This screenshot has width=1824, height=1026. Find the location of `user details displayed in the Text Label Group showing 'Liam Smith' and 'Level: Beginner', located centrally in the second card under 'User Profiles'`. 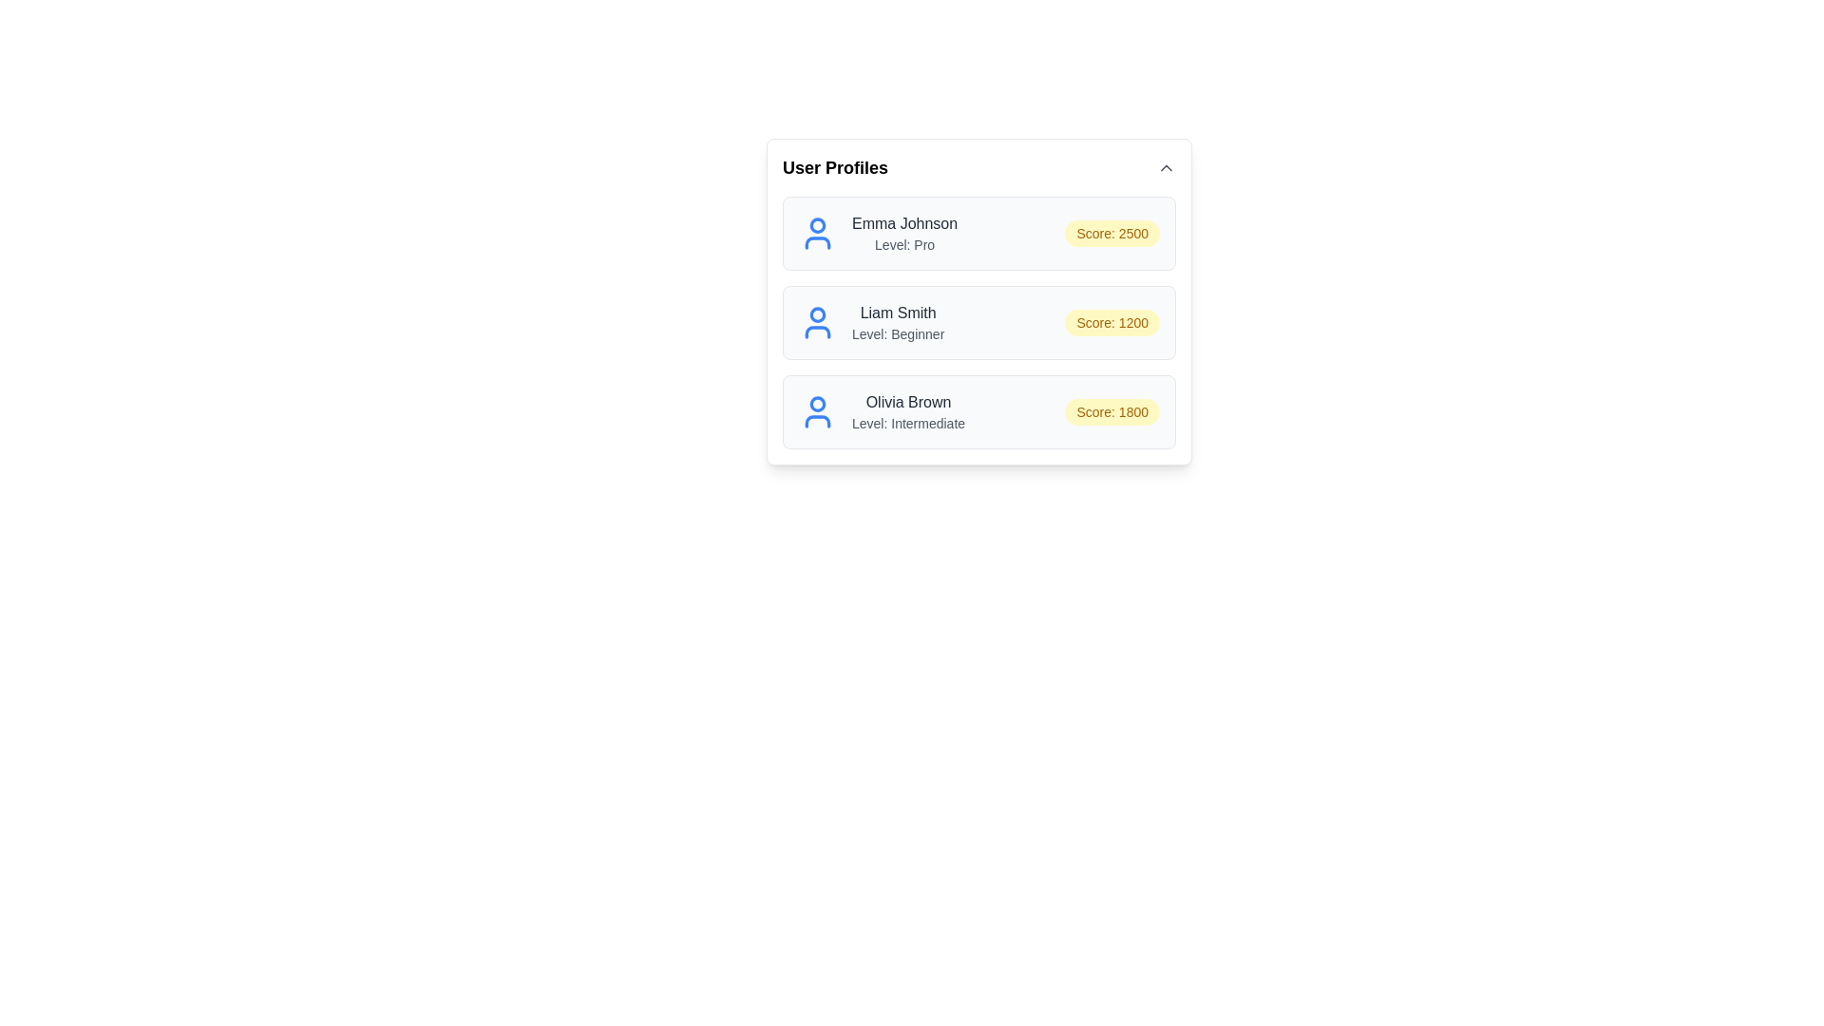

user details displayed in the Text Label Group showing 'Liam Smith' and 'Level: Beginner', located centrally in the second card under 'User Profiles' is located at coordinates (870, 321).